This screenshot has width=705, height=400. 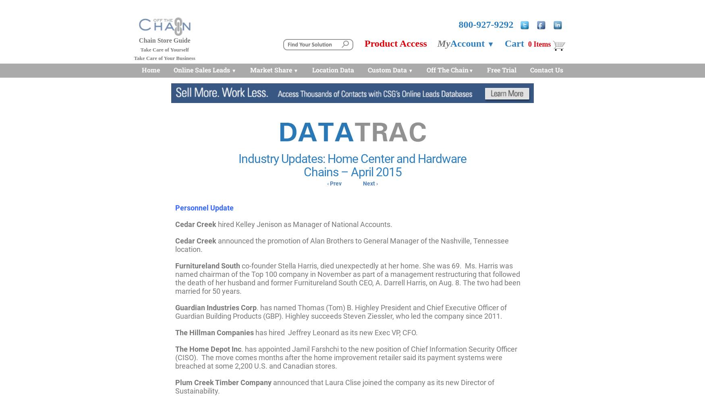 I want to click on 'Personnel Update', so click(x=204, y=207).